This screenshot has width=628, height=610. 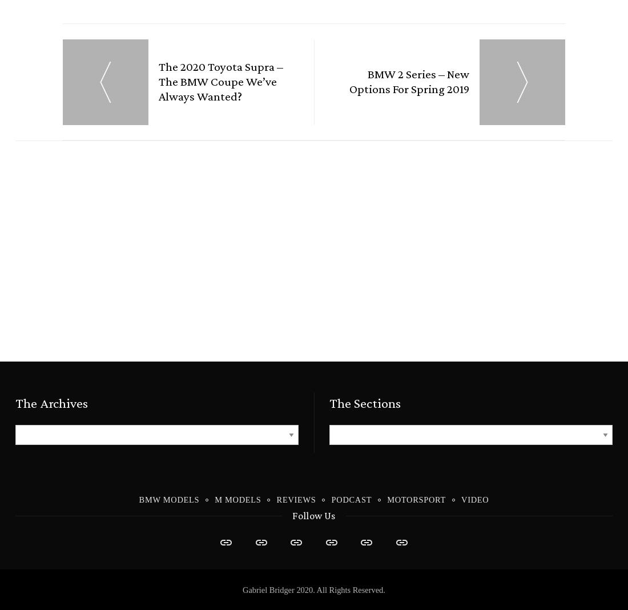 What do you see at coordinates (408, 83) in the screenshot?
I see `'BMW 2 Series – New Options for Spring 2019'` at bounding box center [408, 83].